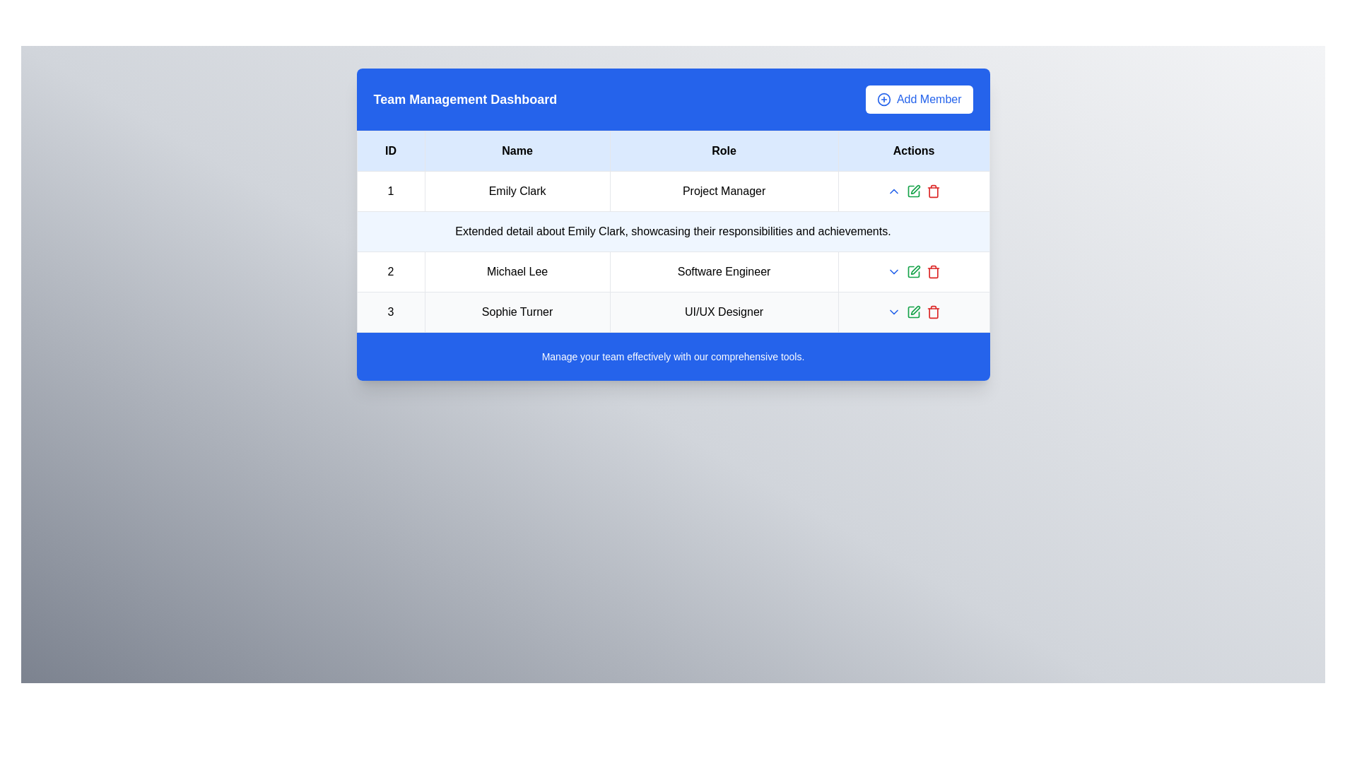  Describe the element at coordinates (914, 312) in the screenshot. I see `the second interactive icon in the Actions column of the third row of the table, which is located next to a green pen icon and a red trashcan icon` at that location.